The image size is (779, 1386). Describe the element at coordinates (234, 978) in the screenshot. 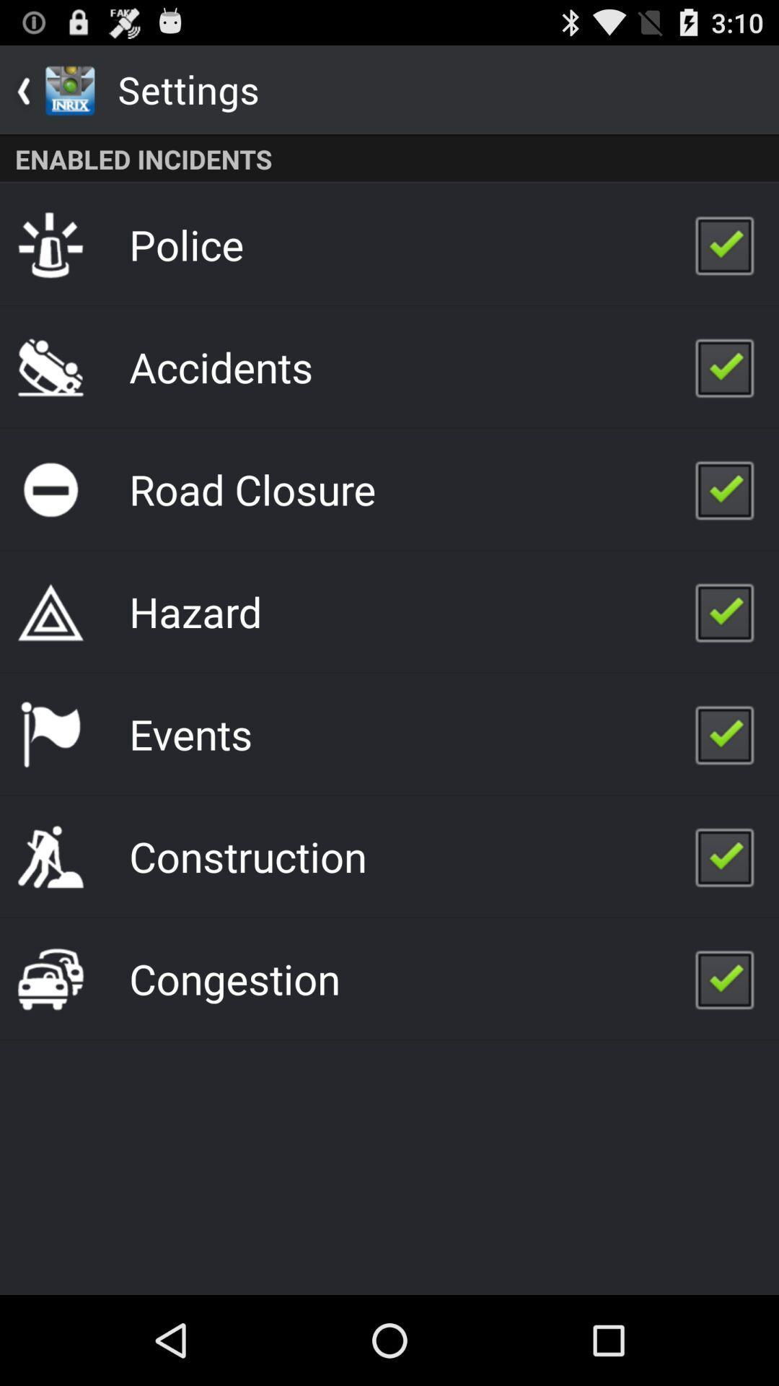

I see `the icon below the construction app` at that location.